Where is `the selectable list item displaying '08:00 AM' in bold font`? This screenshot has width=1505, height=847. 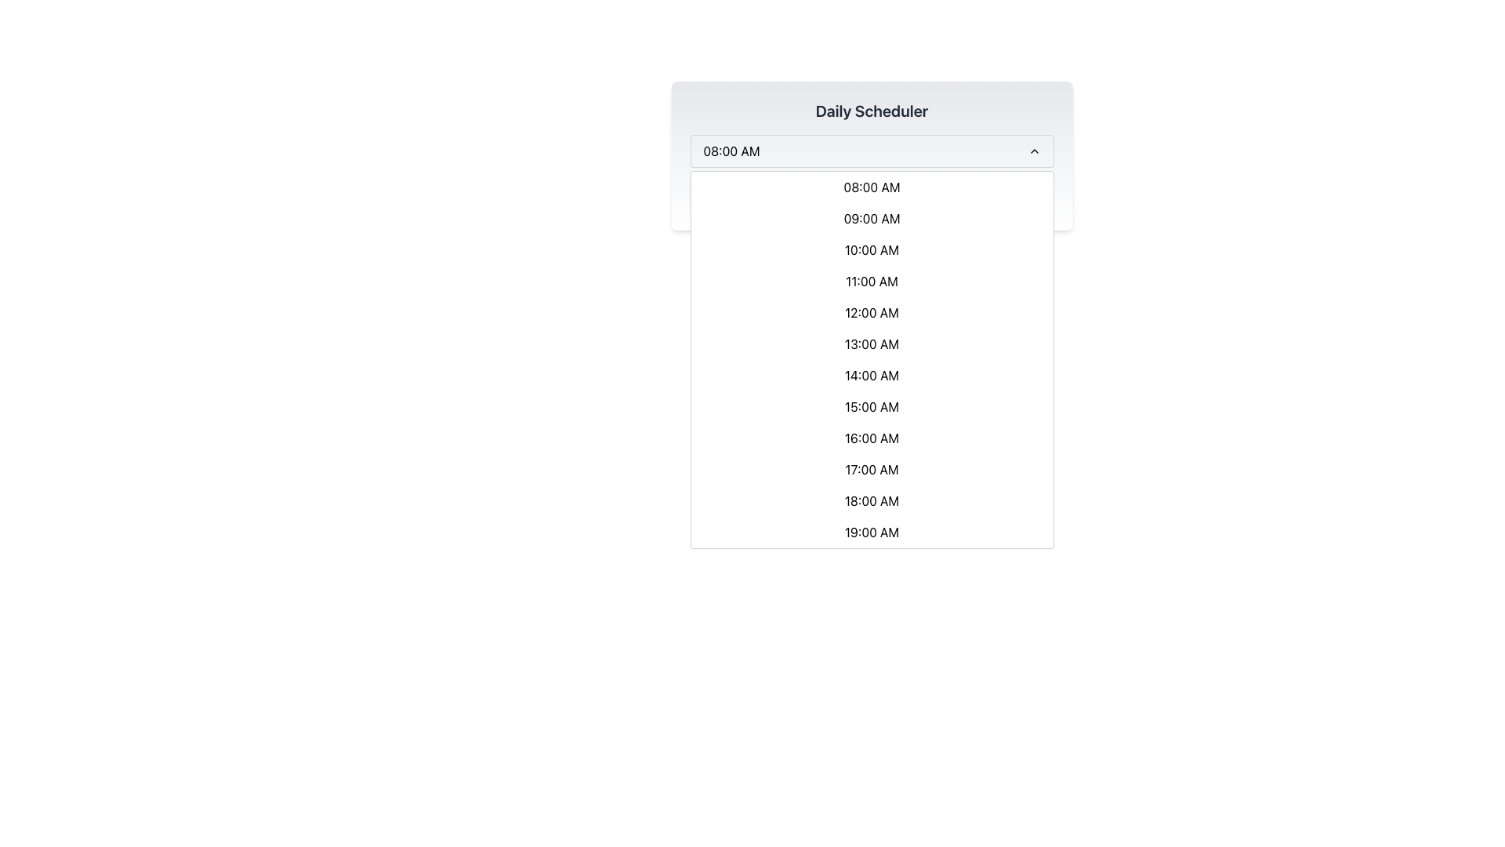 the selectable list item displaying '08:00 AM' in bold font is located at coordinates (871, 187).